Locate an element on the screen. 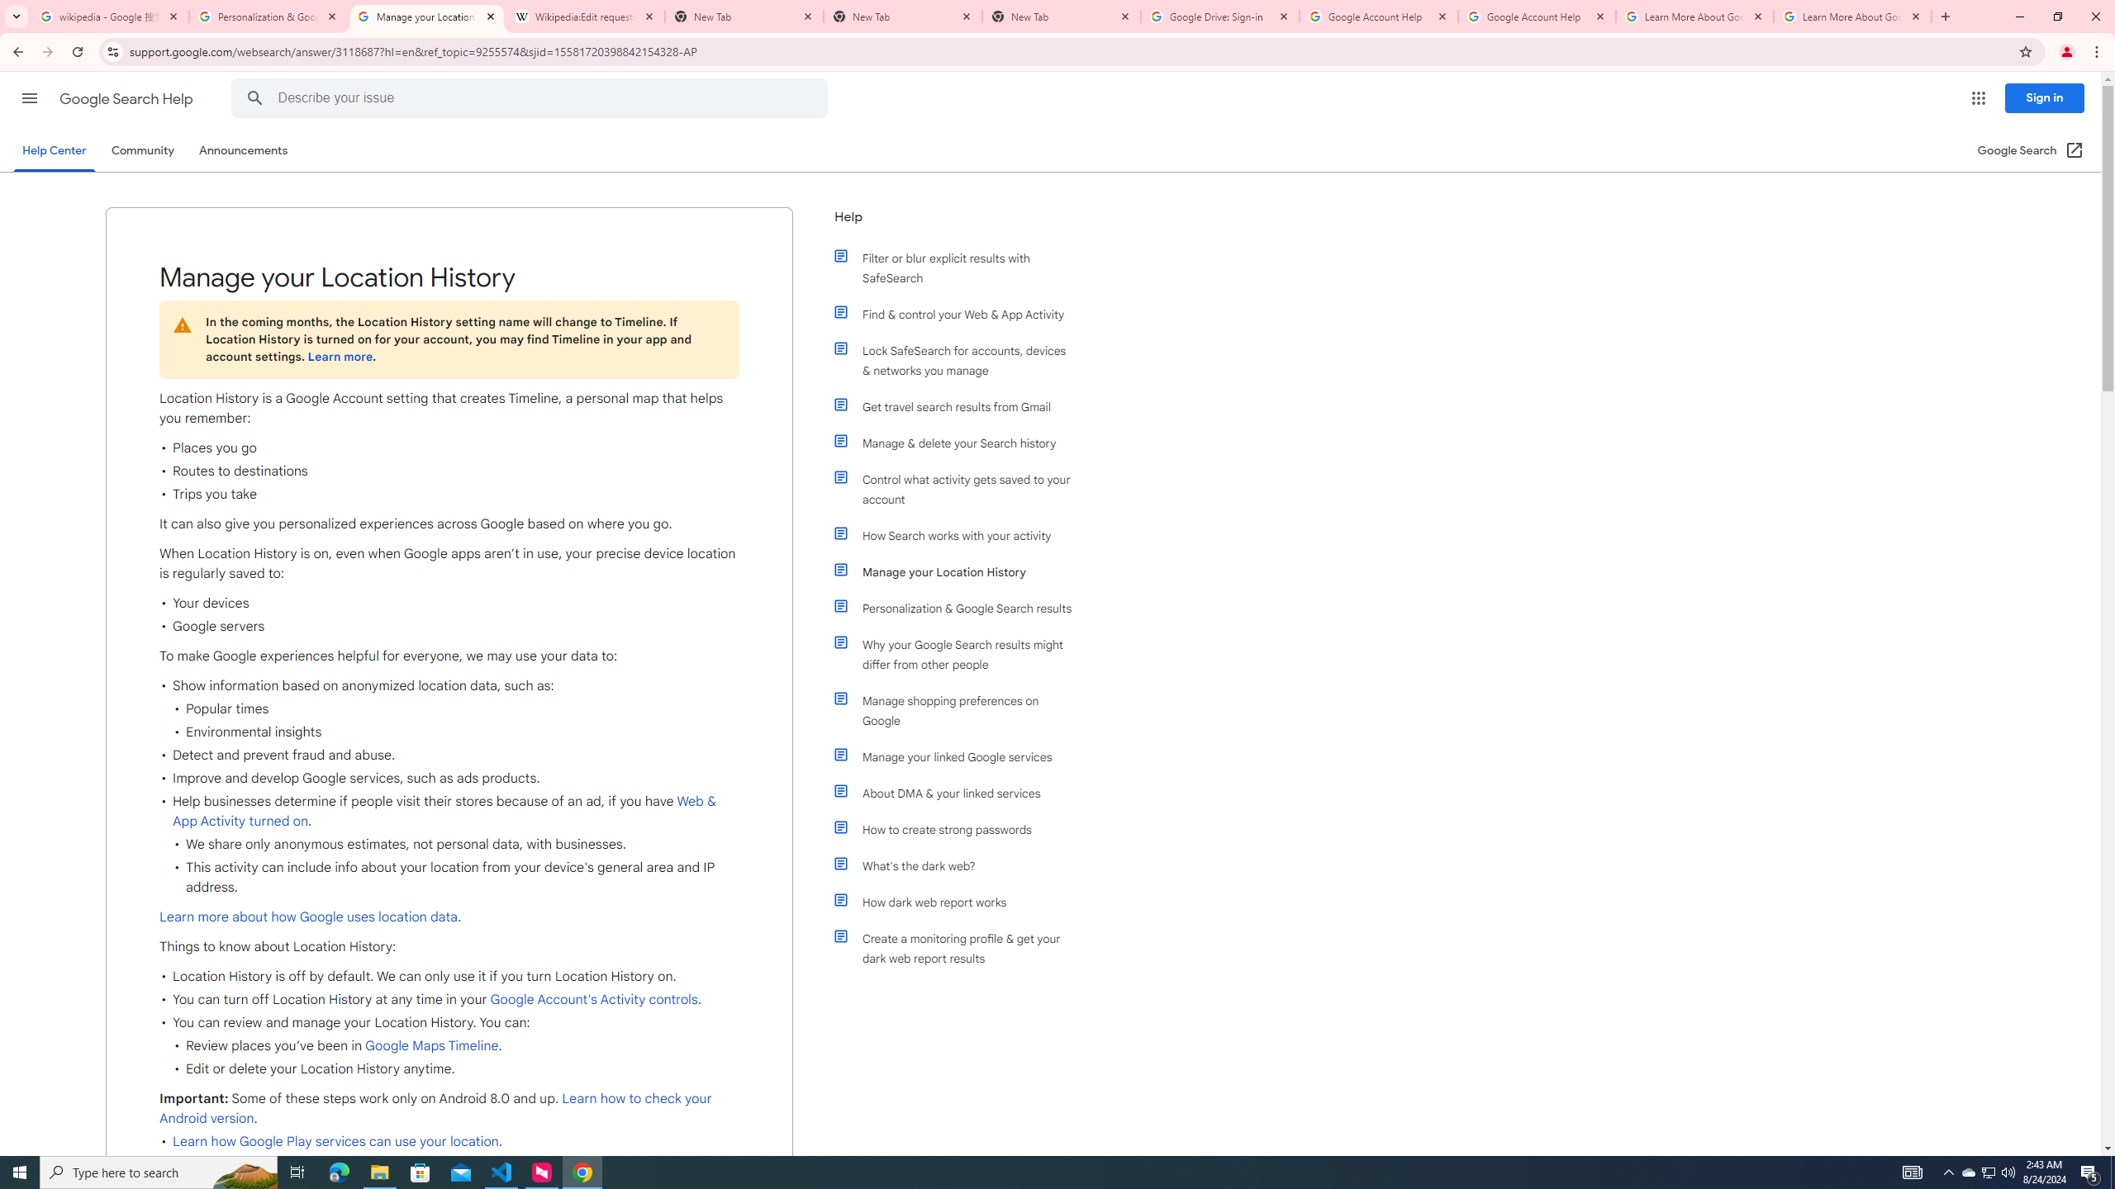 This screenshot has width=2115, height=1189. 'Manage your Location History' is located at coordinates (960, 572).